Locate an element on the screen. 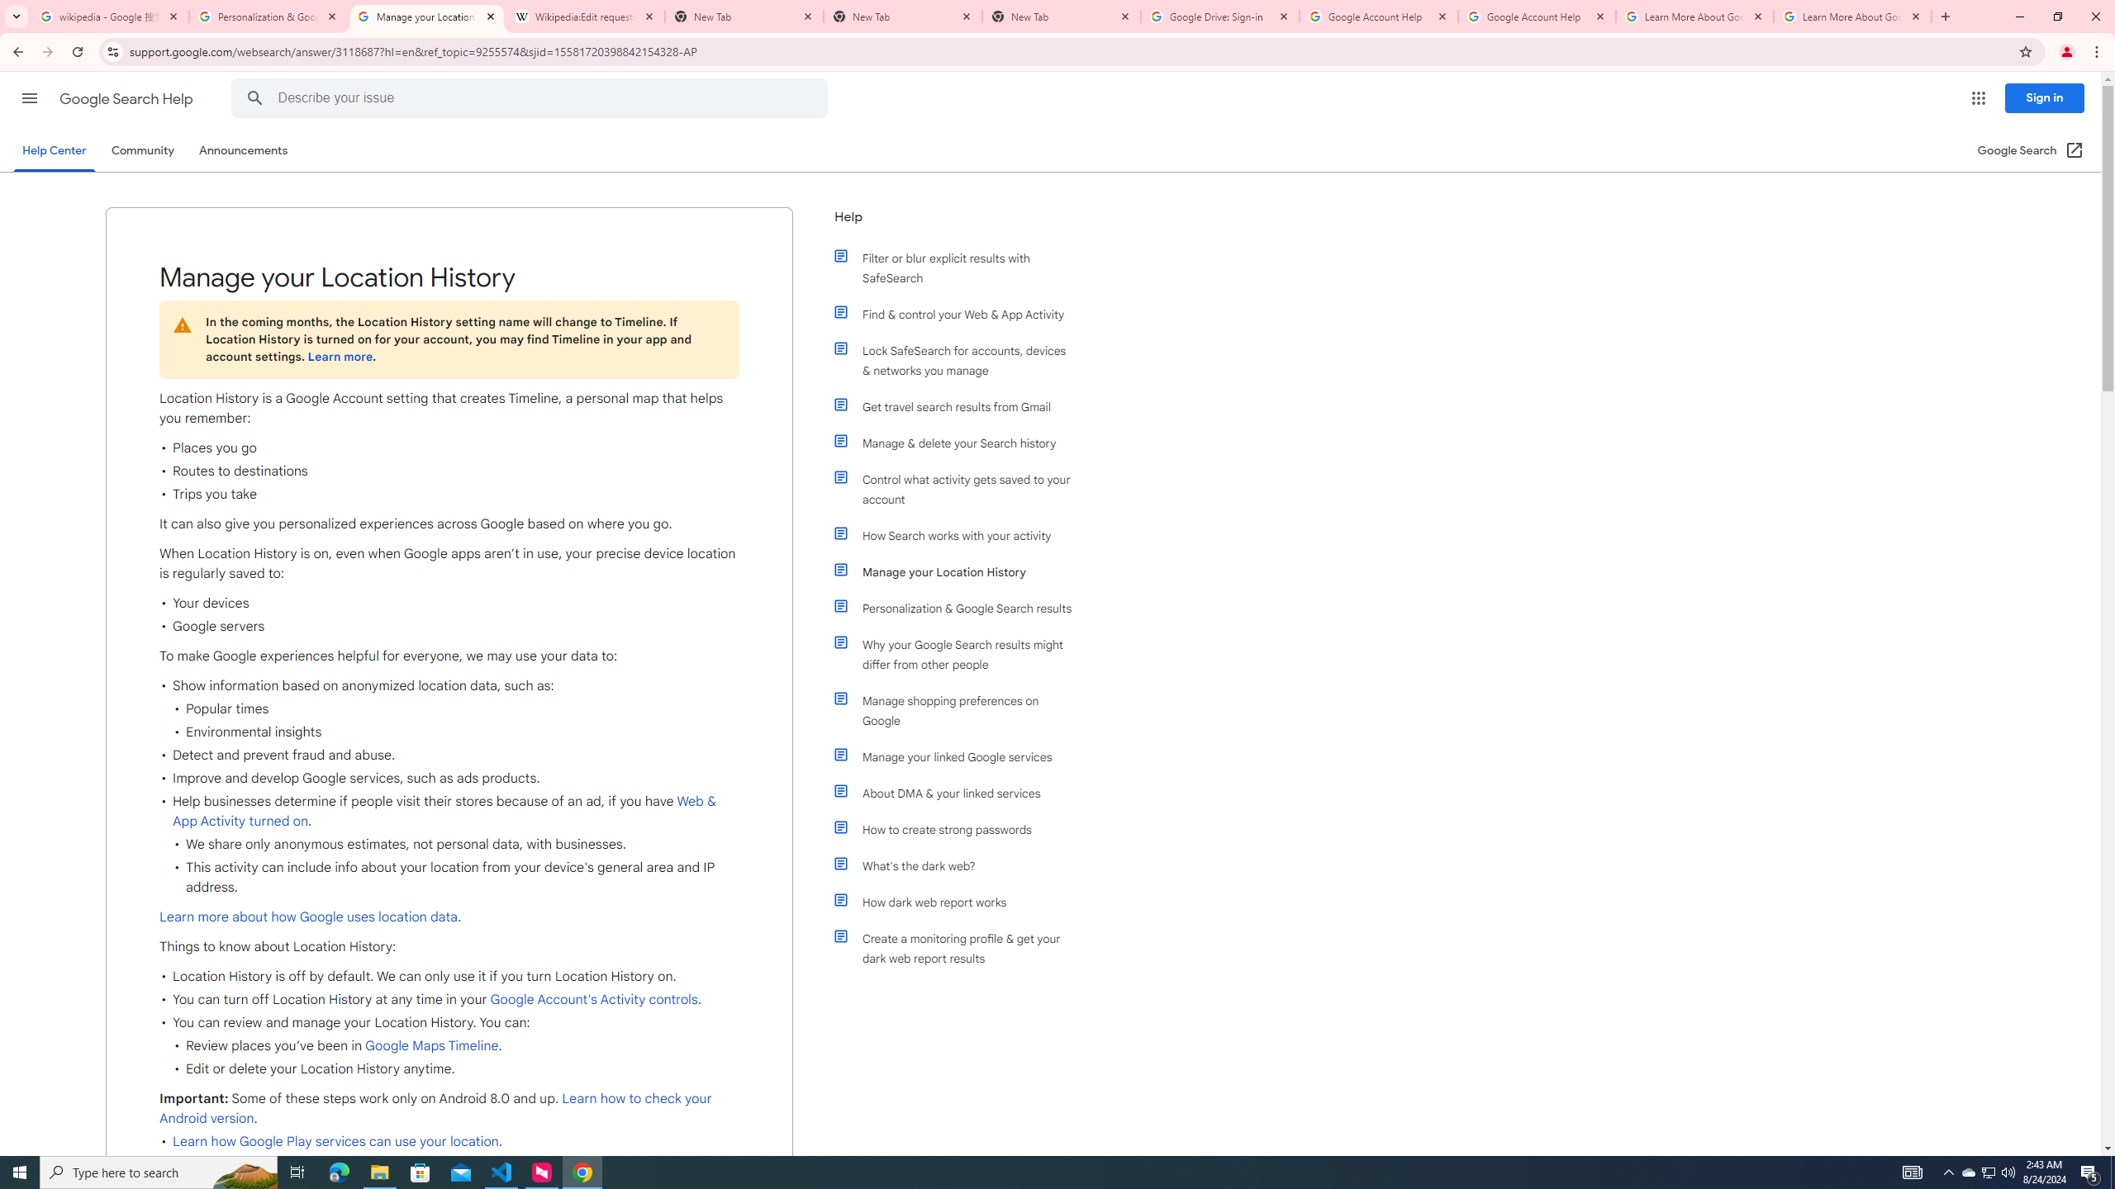 This screenshot has width=2115, height=1189. 'Manage your Location History' is located at coordinates (960, 572).